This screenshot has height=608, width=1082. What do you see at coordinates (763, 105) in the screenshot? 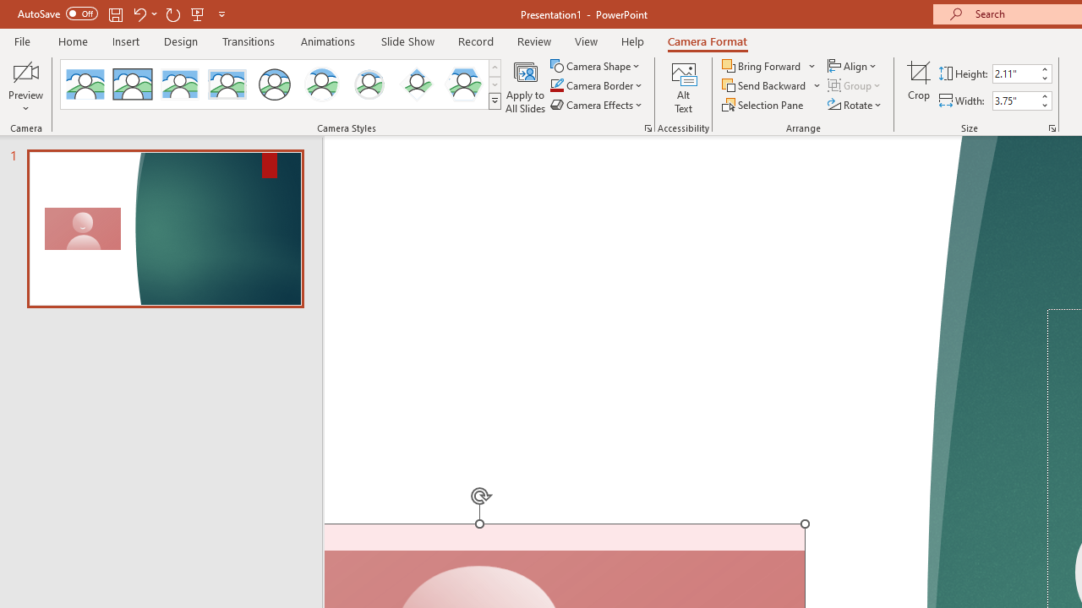
I see `'Selection Pane...'` at bounding box center [763, 105].